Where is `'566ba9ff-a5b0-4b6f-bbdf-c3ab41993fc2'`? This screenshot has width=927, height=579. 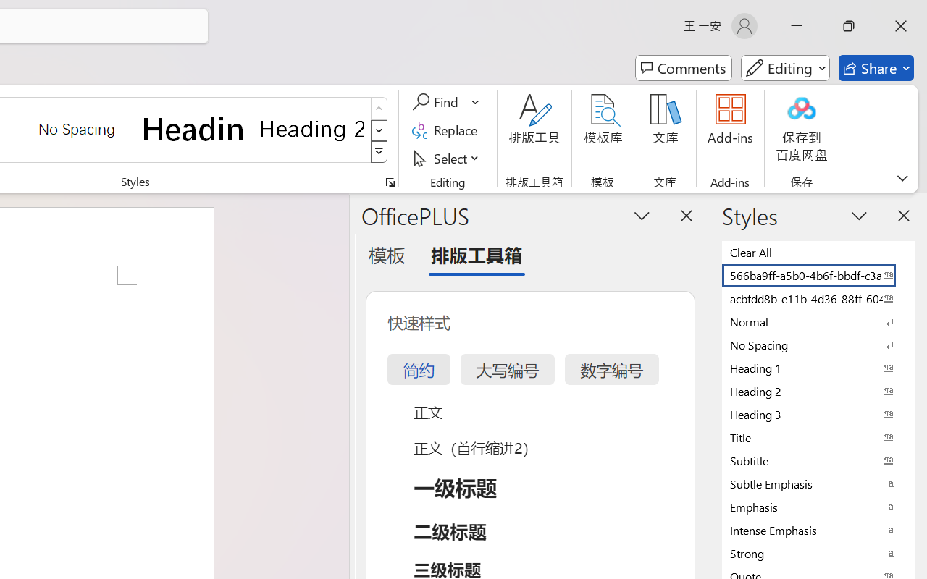
'566ba9ff-a5b0-4b6f-bbdf-c3ab41993fc2' is located at coordinates (818, 274).